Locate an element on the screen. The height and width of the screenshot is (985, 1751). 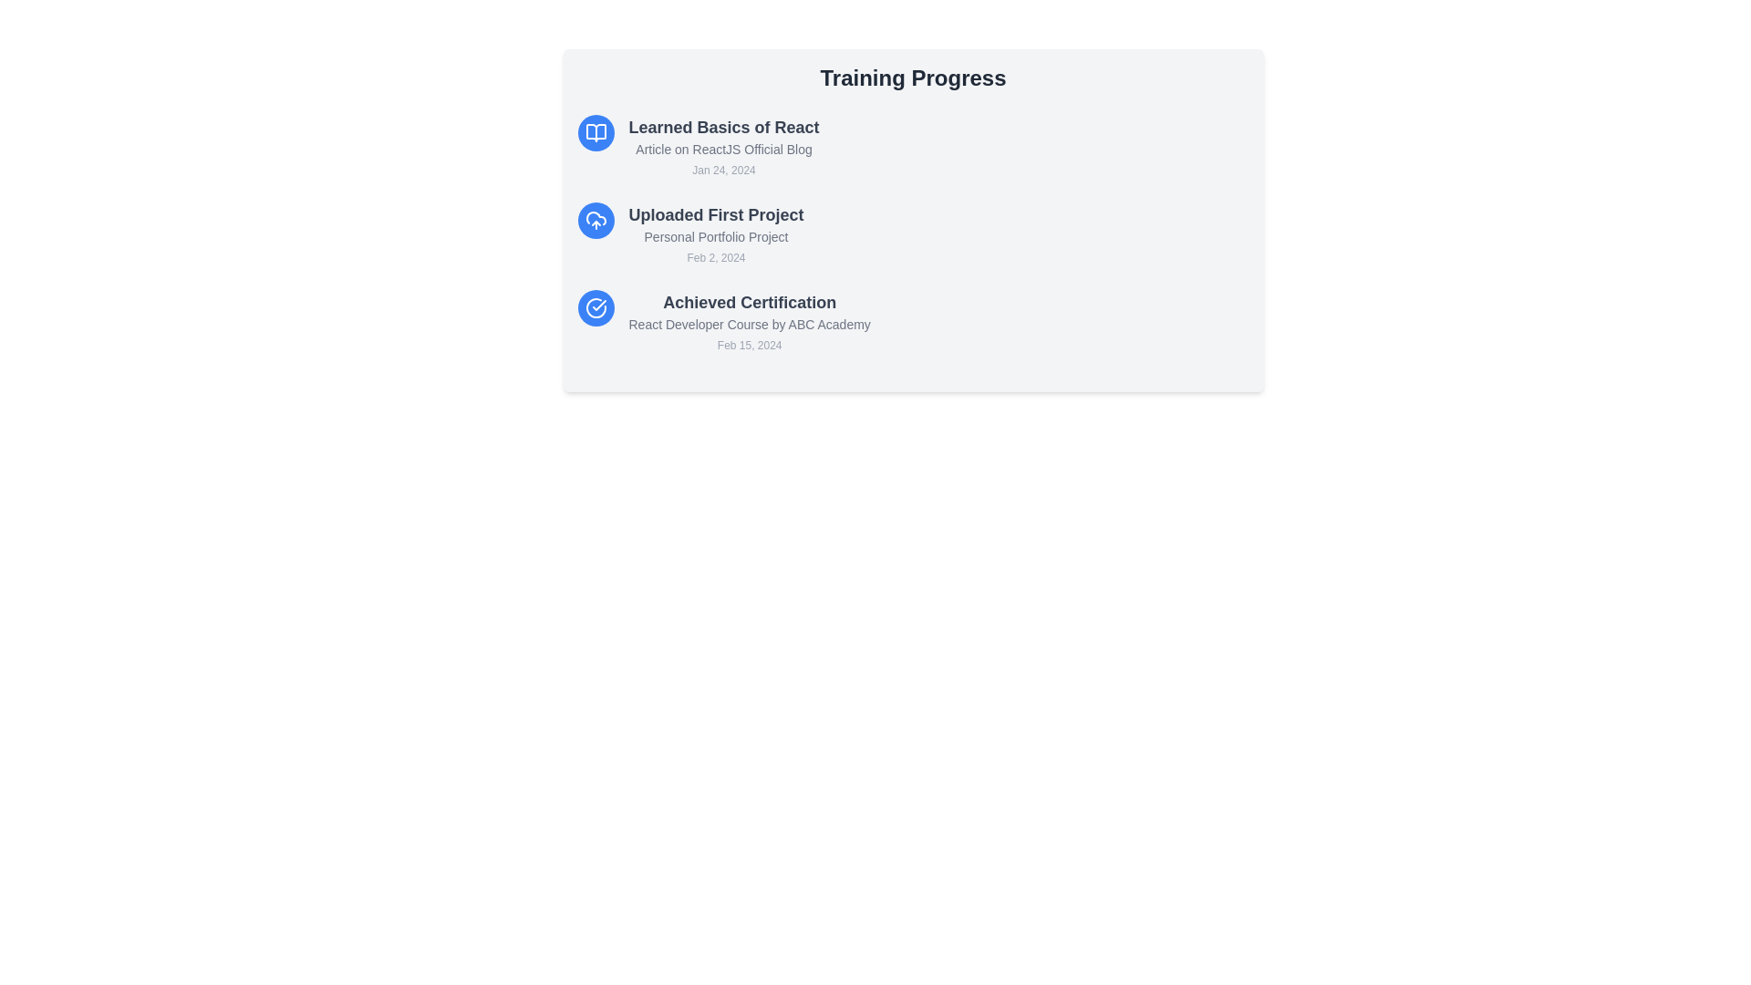
the book icon SVG graphic with a blue circular background and white border, located to the left of the text 'Learned Basics of React' is located at coordinates (596, 132).